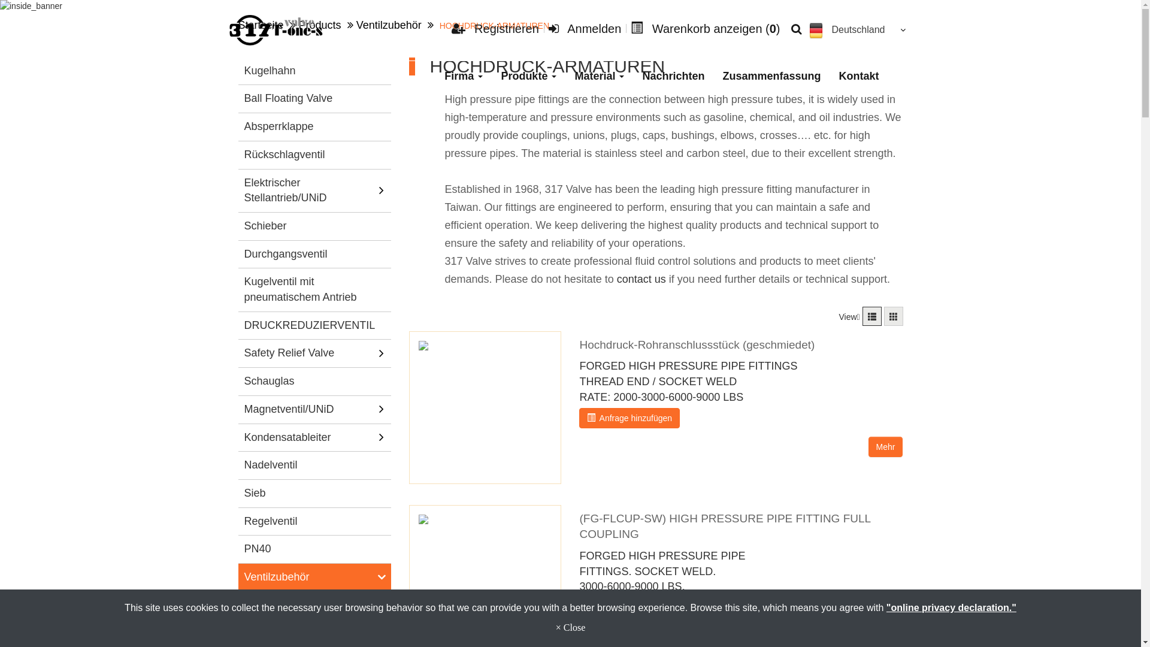 This screenshot has width=1150, height=647. I want to click on 'Durchgangsventil', so click(240, 253).